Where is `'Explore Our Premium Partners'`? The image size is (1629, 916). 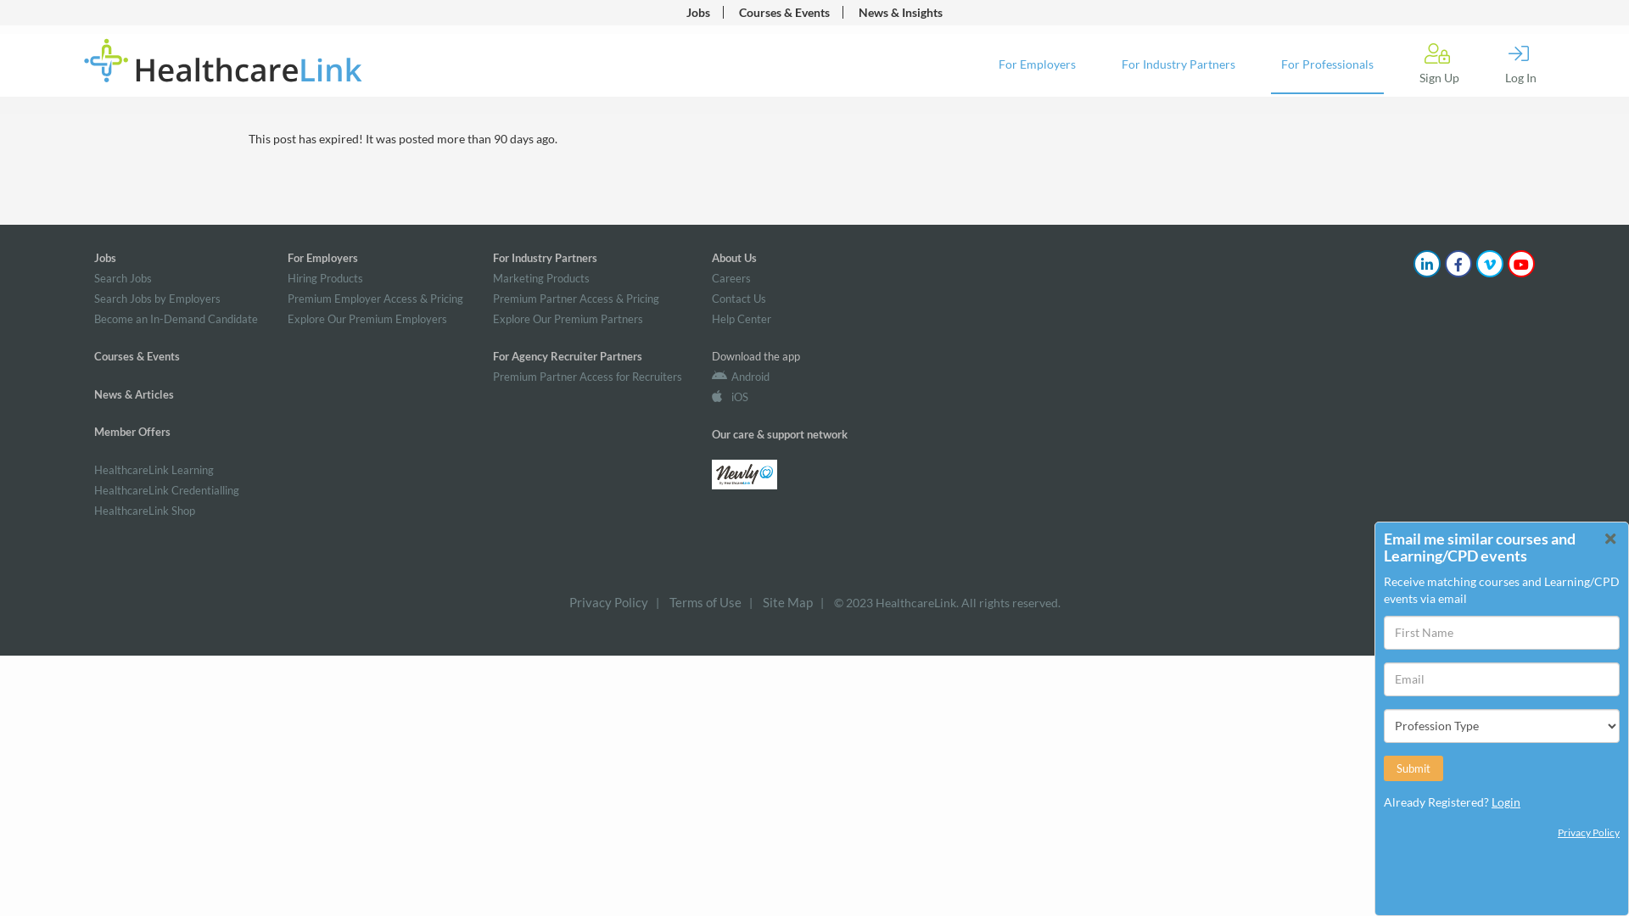
'Explore Our Premium Partners' is located at coordinates (568, 318).